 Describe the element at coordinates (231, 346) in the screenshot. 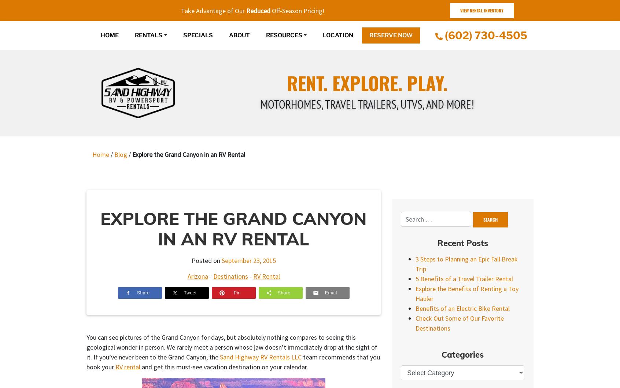

I see `'You can see pictures of the Grand Canyon for days, but absolutely nothing compares to seeing this geological wonder in person. We rarely meet a person whose jaw doesn’t immediately drop at the sight of it. If you’ve never been to the Grand Canyon, the'` at that location.